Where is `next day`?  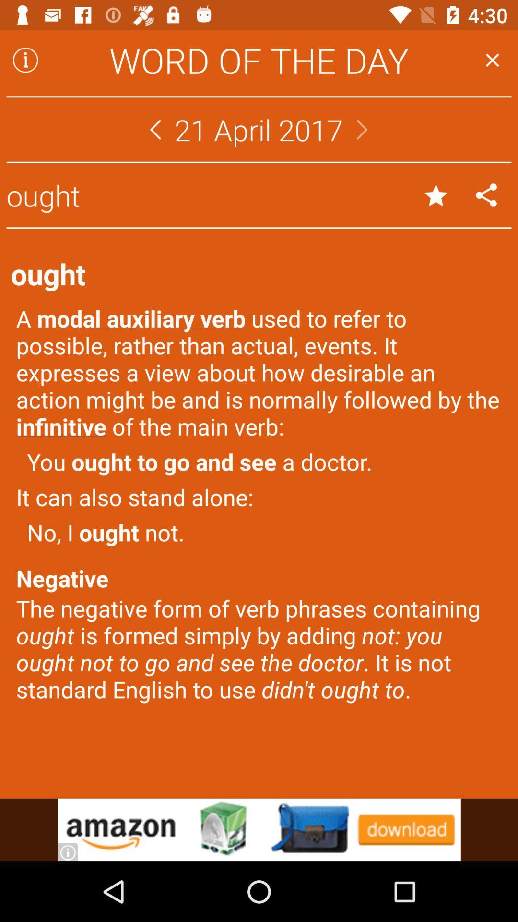
next day is located at coordinates (362, 129).